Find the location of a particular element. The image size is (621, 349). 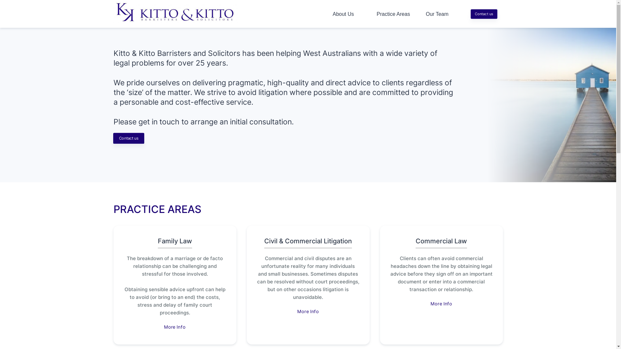

'logo' is located at coordinates (177, 21).